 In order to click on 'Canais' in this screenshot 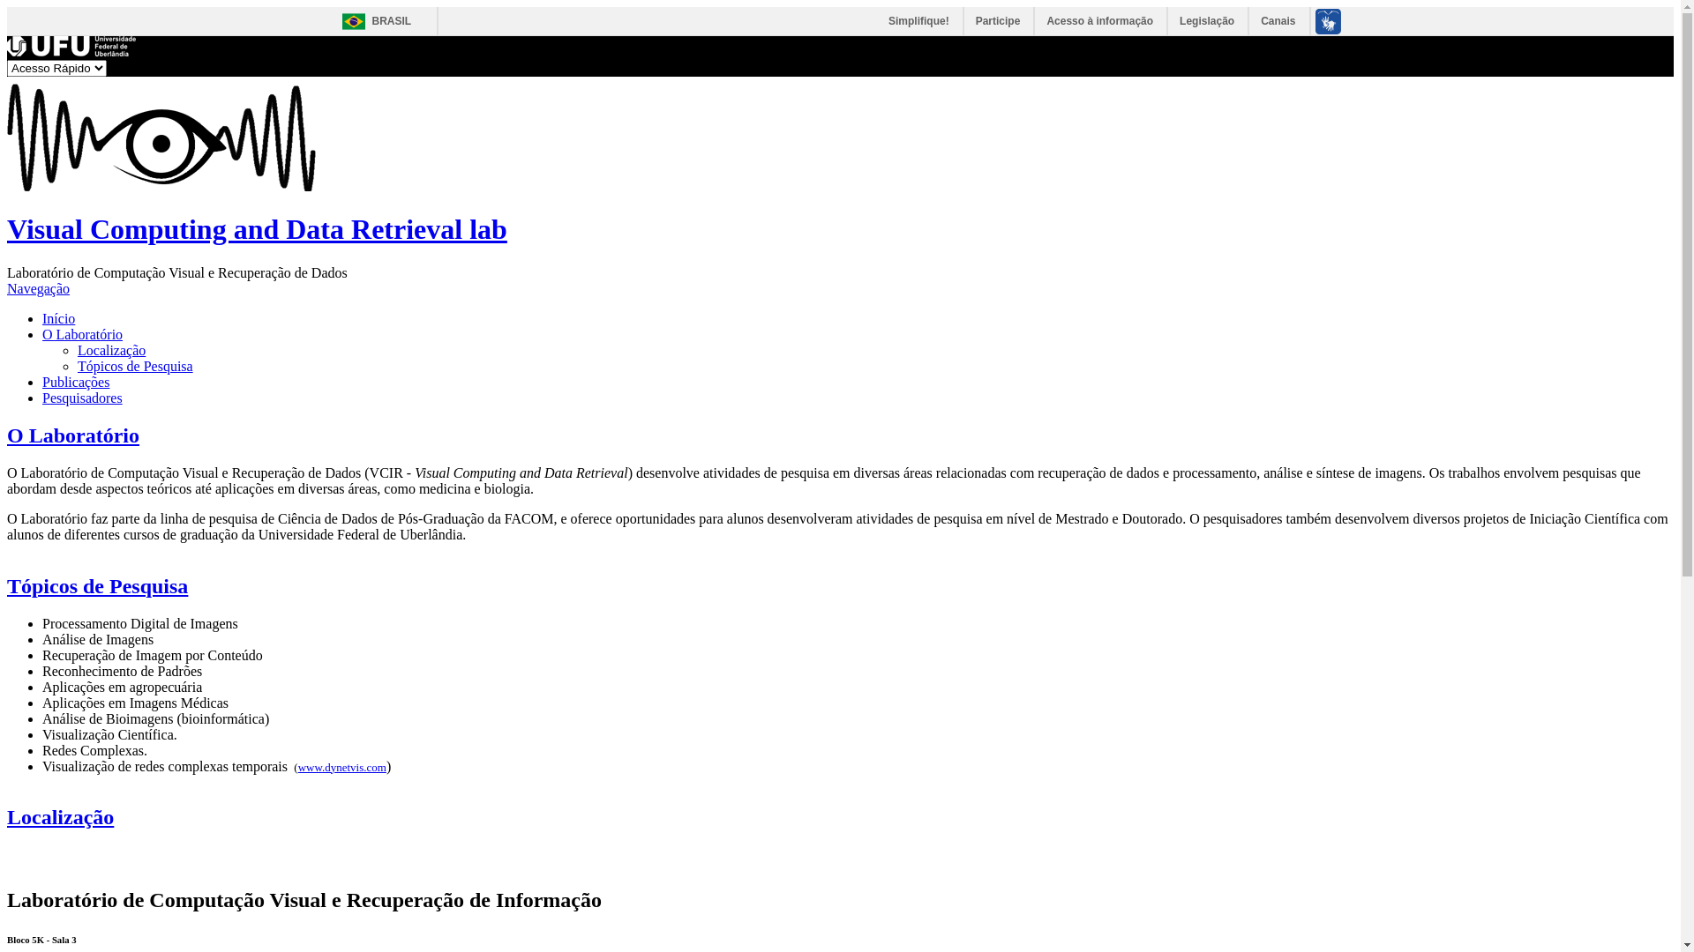, I will do `click(1278, 20)`.